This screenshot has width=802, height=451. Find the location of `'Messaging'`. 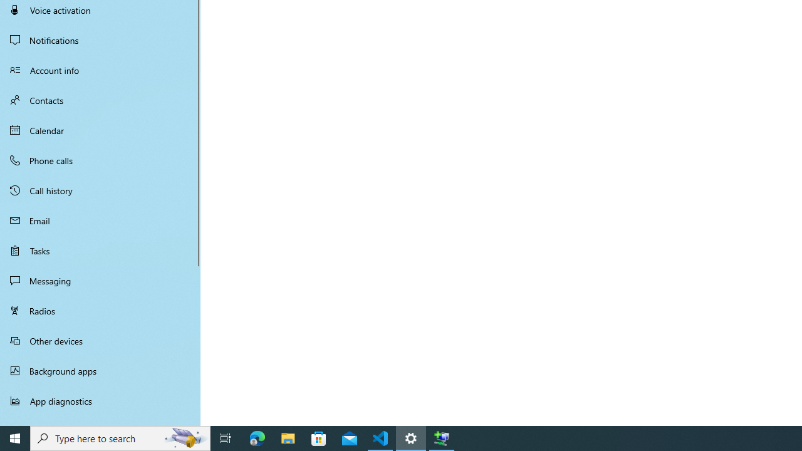

'Messaging' is located at coordinates (100, 280).